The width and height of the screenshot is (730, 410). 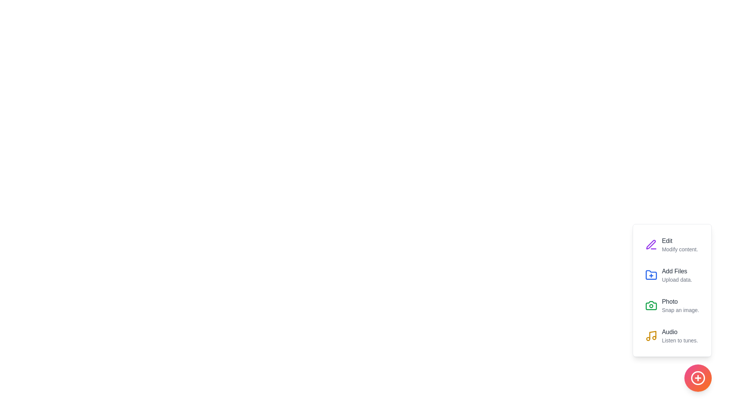 What do you see at coordinates (672, 275) in the screenshot?
I see `the Add Files option from the menu` at bounding box center [672, 275].